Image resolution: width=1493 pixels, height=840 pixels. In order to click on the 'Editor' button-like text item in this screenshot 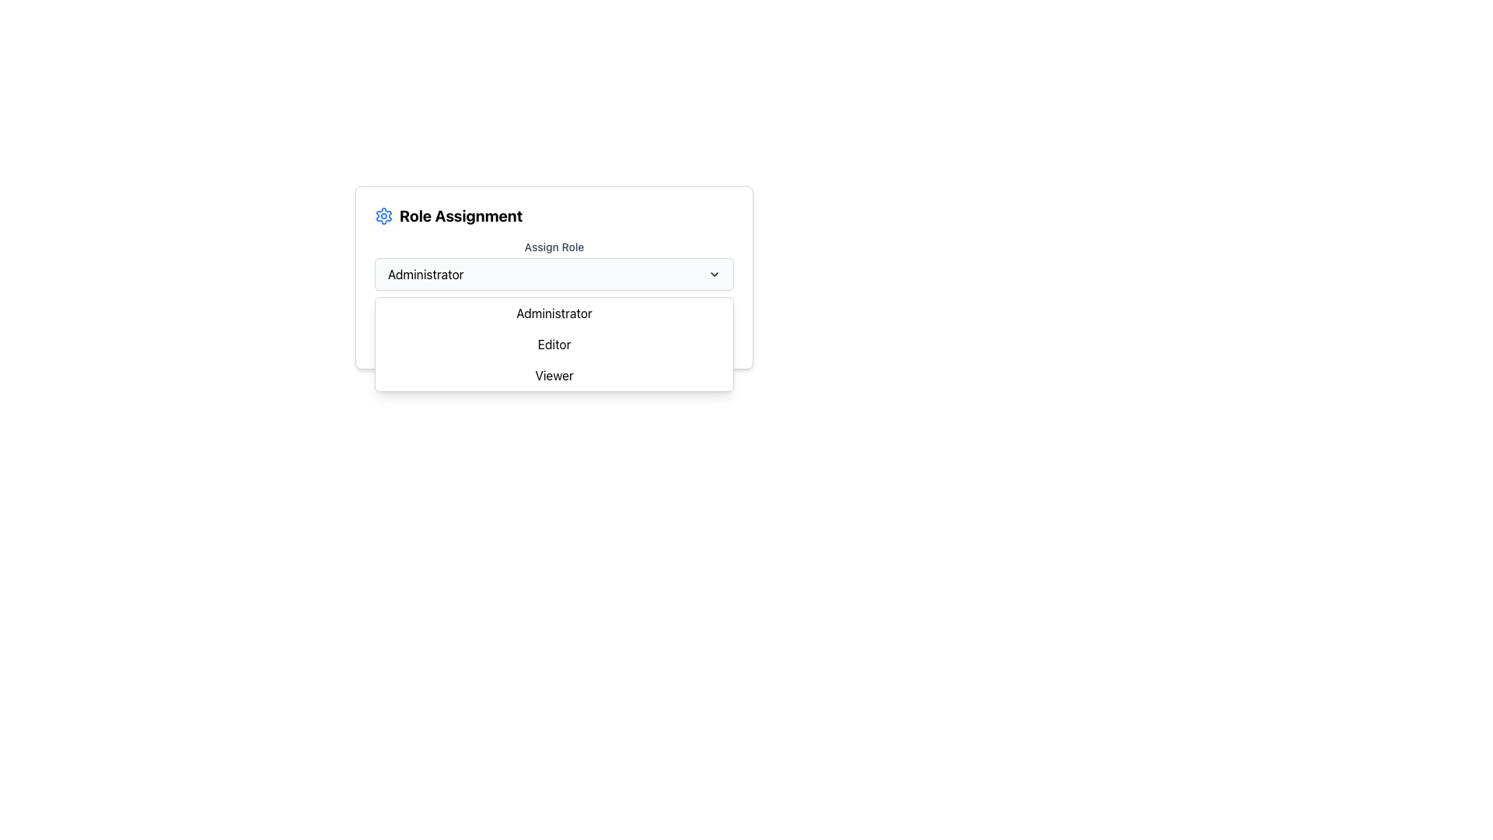, I will do `click(554, 344)`.